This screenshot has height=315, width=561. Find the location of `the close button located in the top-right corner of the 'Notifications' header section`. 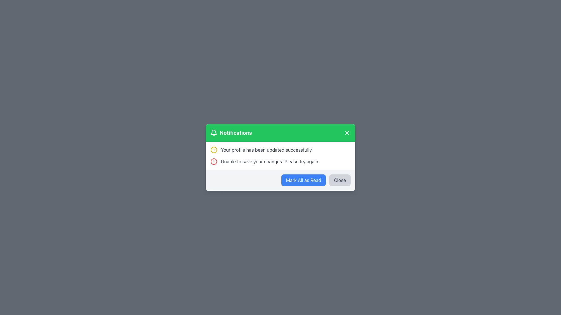

the close button located in the top-right corner of the 'Notifications' header section is located at coordinates (347, 133).